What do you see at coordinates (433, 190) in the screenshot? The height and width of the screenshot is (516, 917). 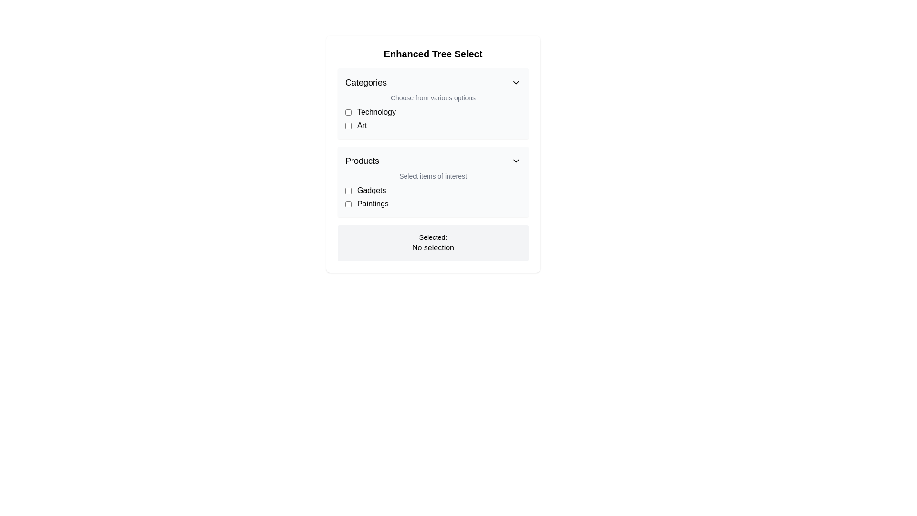 I see `the checkbox labeled 'Gadgets'` at bounding box center [433, 190].